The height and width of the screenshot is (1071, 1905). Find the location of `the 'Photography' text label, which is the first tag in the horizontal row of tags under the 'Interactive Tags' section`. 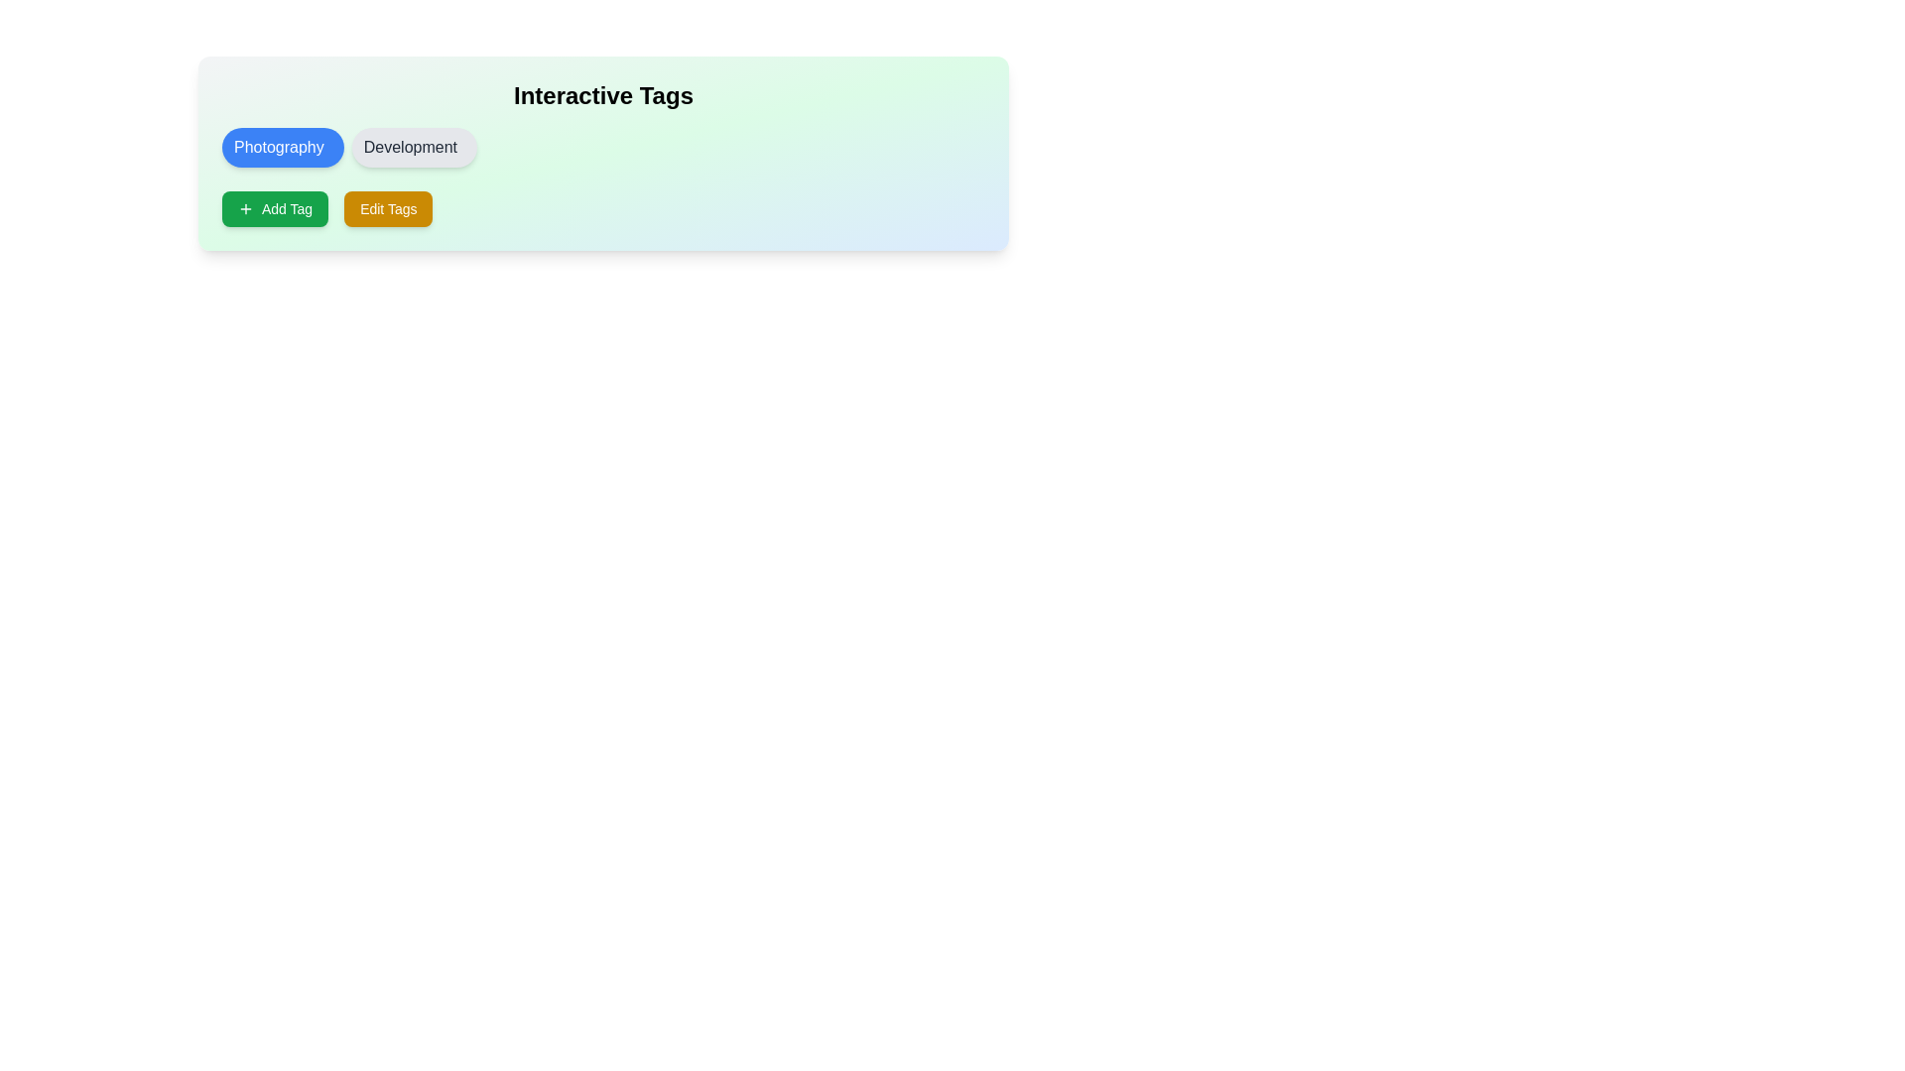

the 'Photography' text label, which is the first tag in the horizontal row of tags under the 'Interactive Tags' section is located at coordinates (278, 147).